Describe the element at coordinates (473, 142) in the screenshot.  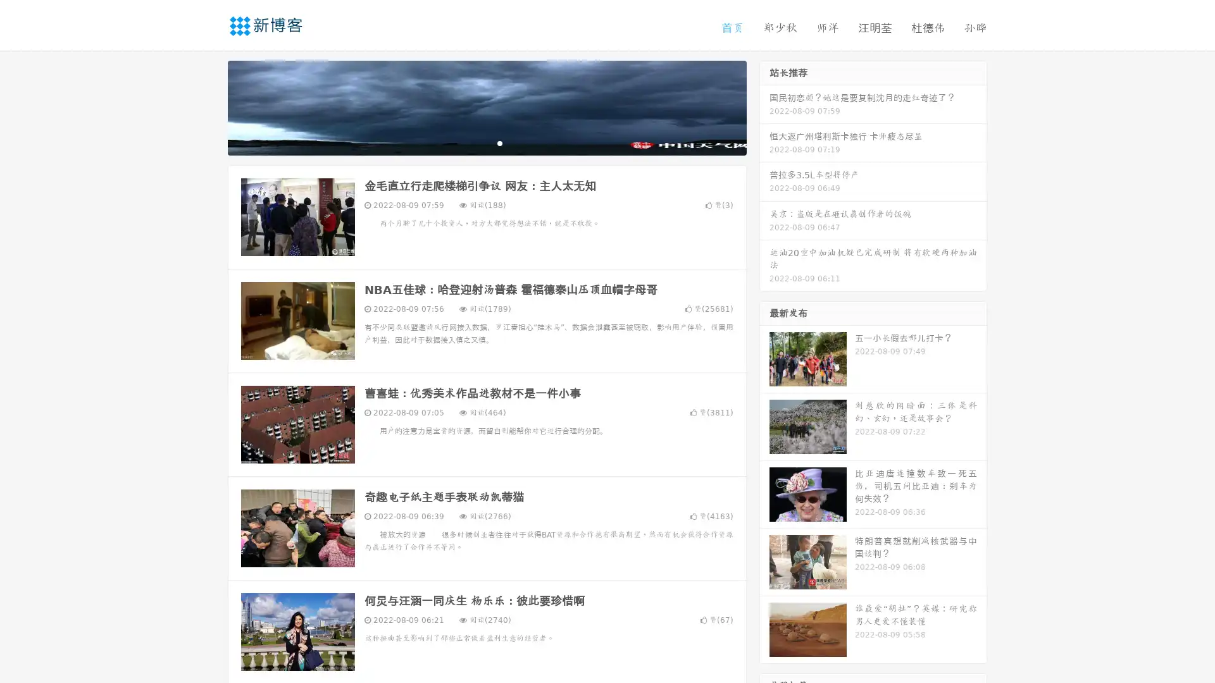
I see `Go to slide 1` at that location.